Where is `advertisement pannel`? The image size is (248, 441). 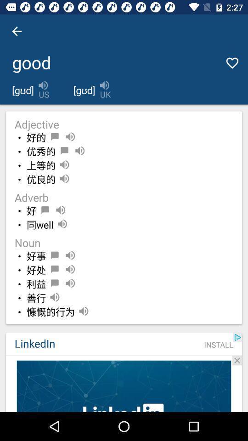 advertisement pannel is located at coordinates (124, 386).